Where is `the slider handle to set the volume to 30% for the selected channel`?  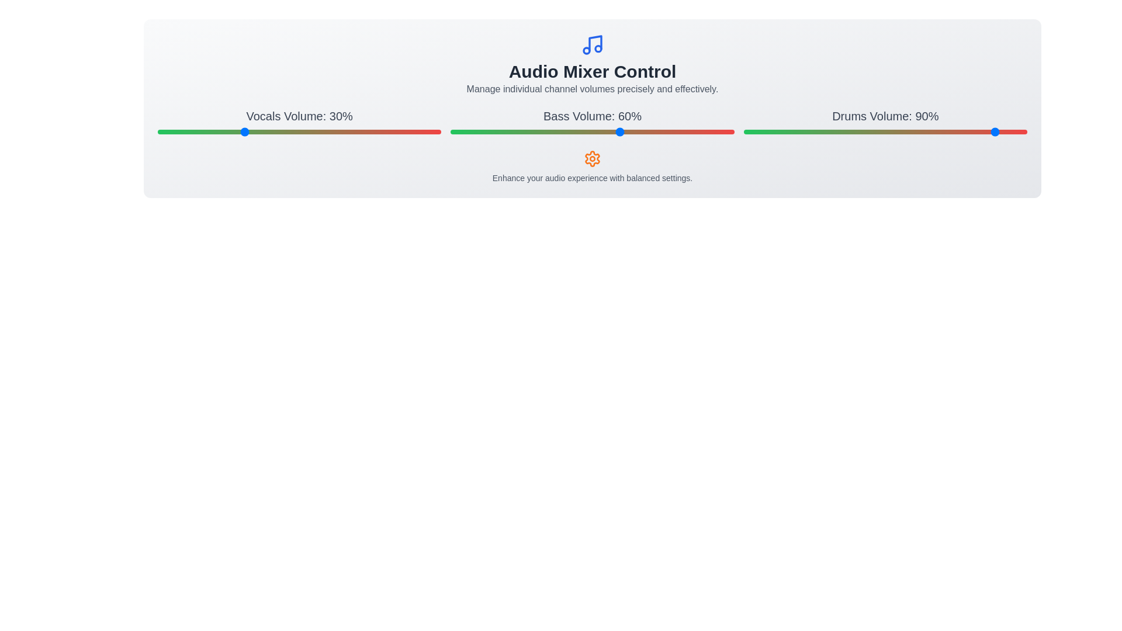 the slider handle to set the volume to 30% for the selected channel is located at coordinates (242, 131).